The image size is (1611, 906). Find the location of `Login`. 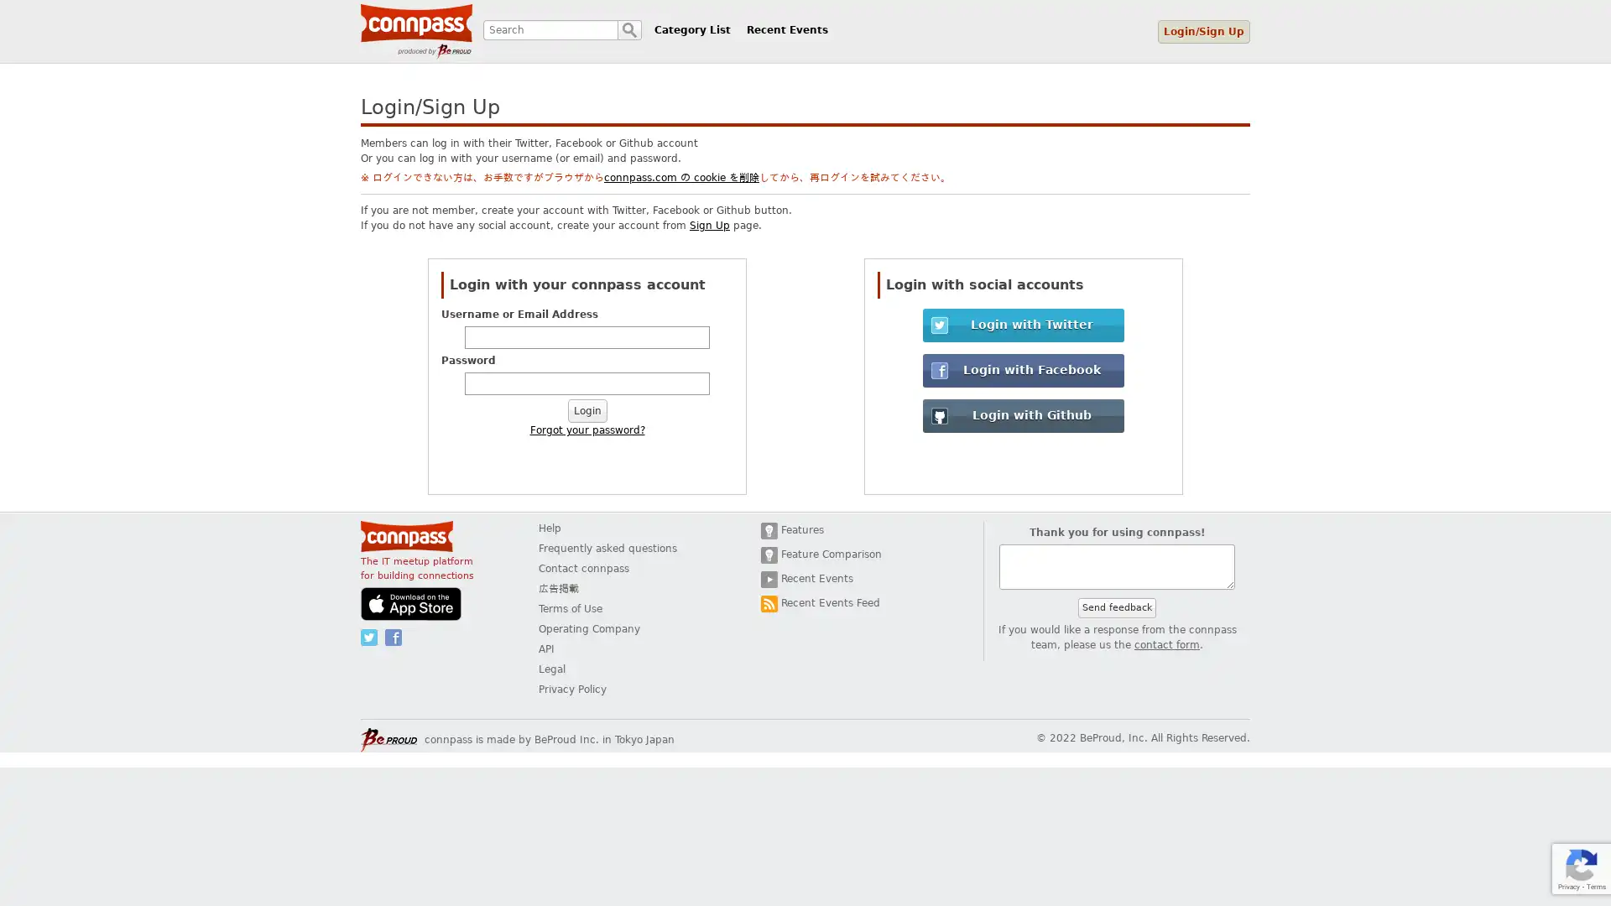

Login is located at coordinates (587, 410).